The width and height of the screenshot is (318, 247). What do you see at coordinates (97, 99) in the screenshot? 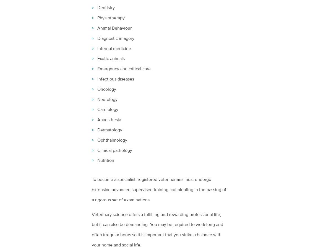
I see `'Neurology'` at bounding box center [97, 99].